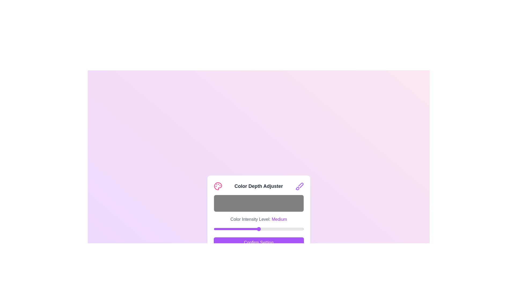 The width and height of the screenshot is (515, 289). Describe the element at coordinates (282, 229) in the screenshot. I see `the color intensity slider to 194 where 194 is a value between 0 and 255` at that location.